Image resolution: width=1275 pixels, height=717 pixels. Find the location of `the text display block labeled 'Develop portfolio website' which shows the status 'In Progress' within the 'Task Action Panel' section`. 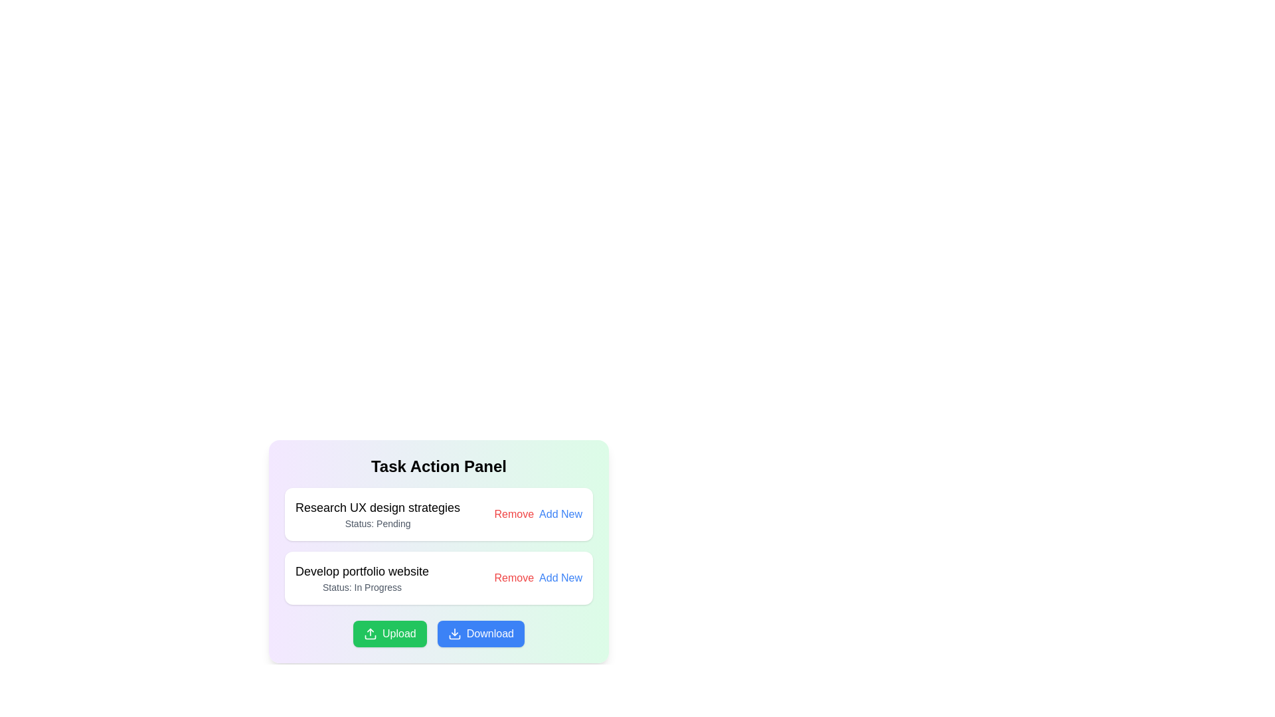

the text display block labeled 'Develop portfolio website' which shows the status 'In Progress' within the 'Task Action Panel' section is located at coordinates (362, 578).